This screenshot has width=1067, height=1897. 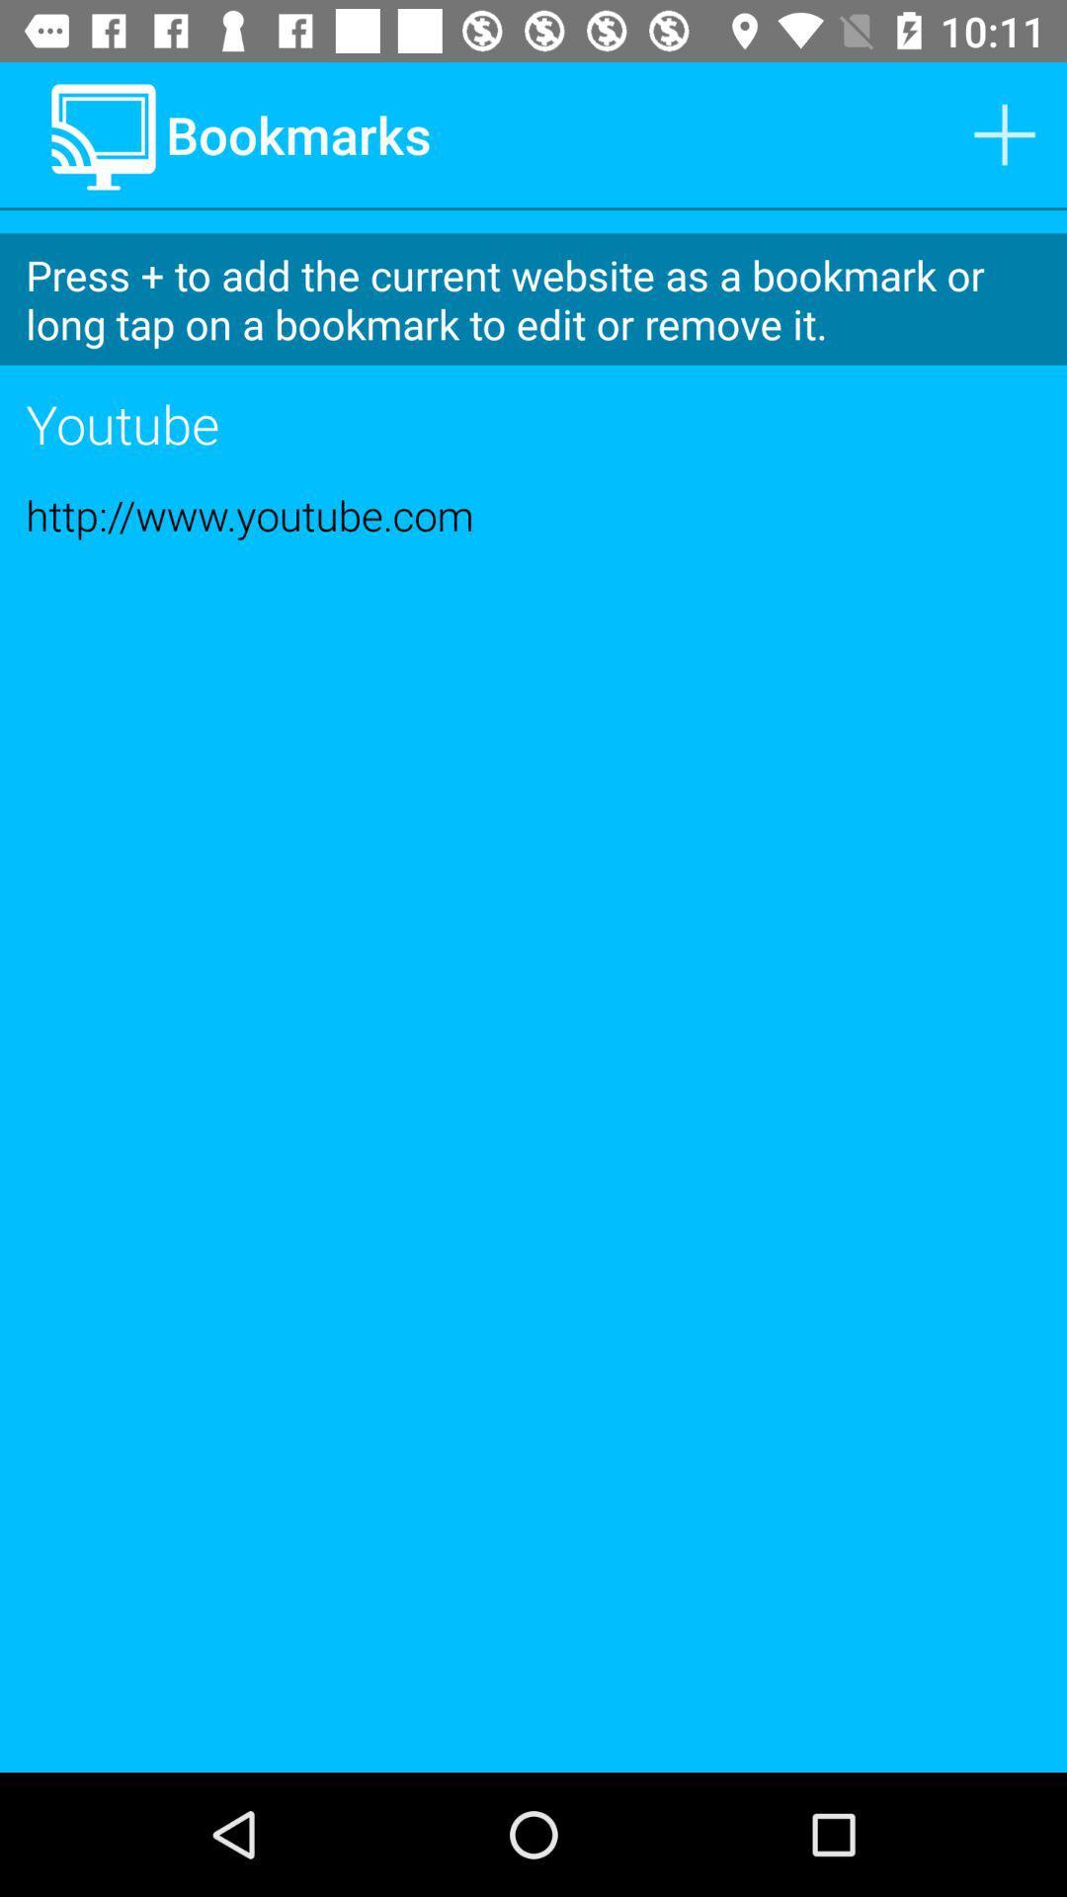 What do you see at coordinates (533, 515) in the screenshot?
I see `http www youtube item` at bounding box center [533, 515].